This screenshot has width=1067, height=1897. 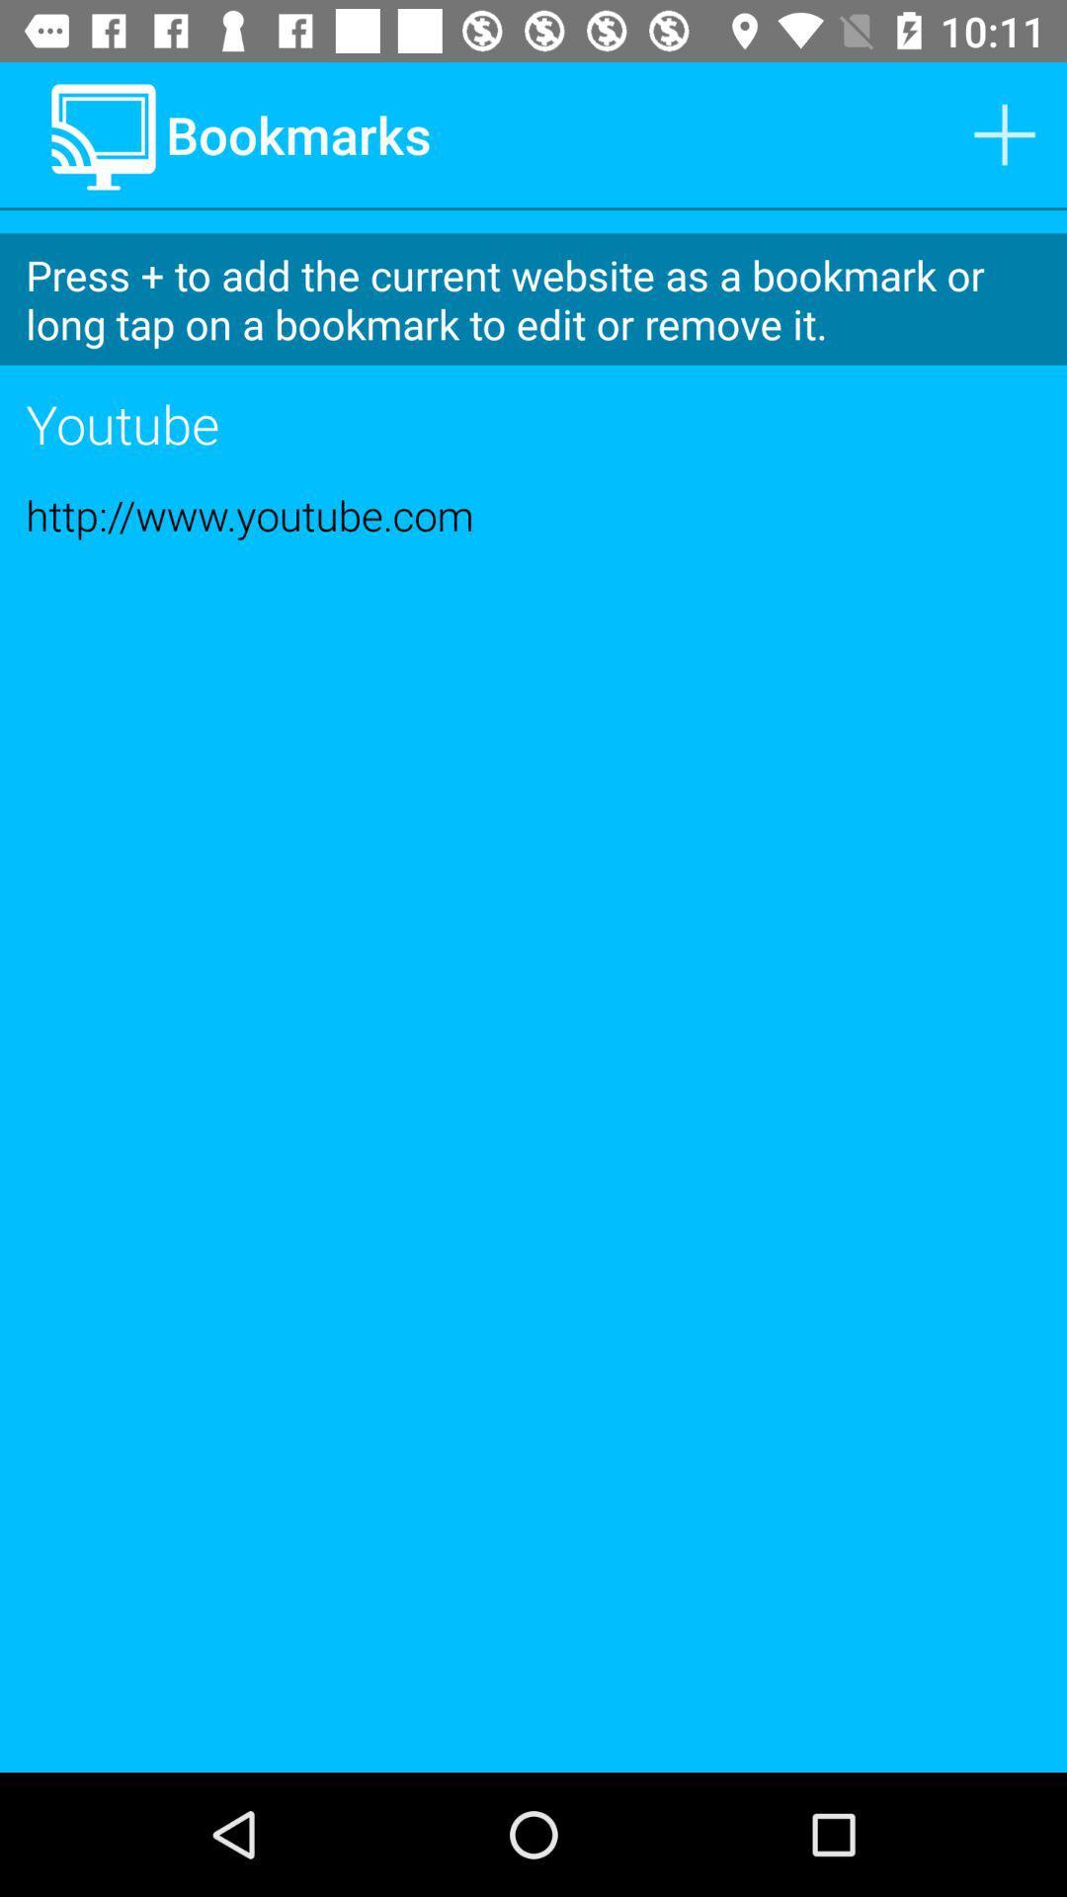 What do you see at coordinates (533, 515) in the screenshot?
I see `http www youtube item` at bounding box center [533, 515].